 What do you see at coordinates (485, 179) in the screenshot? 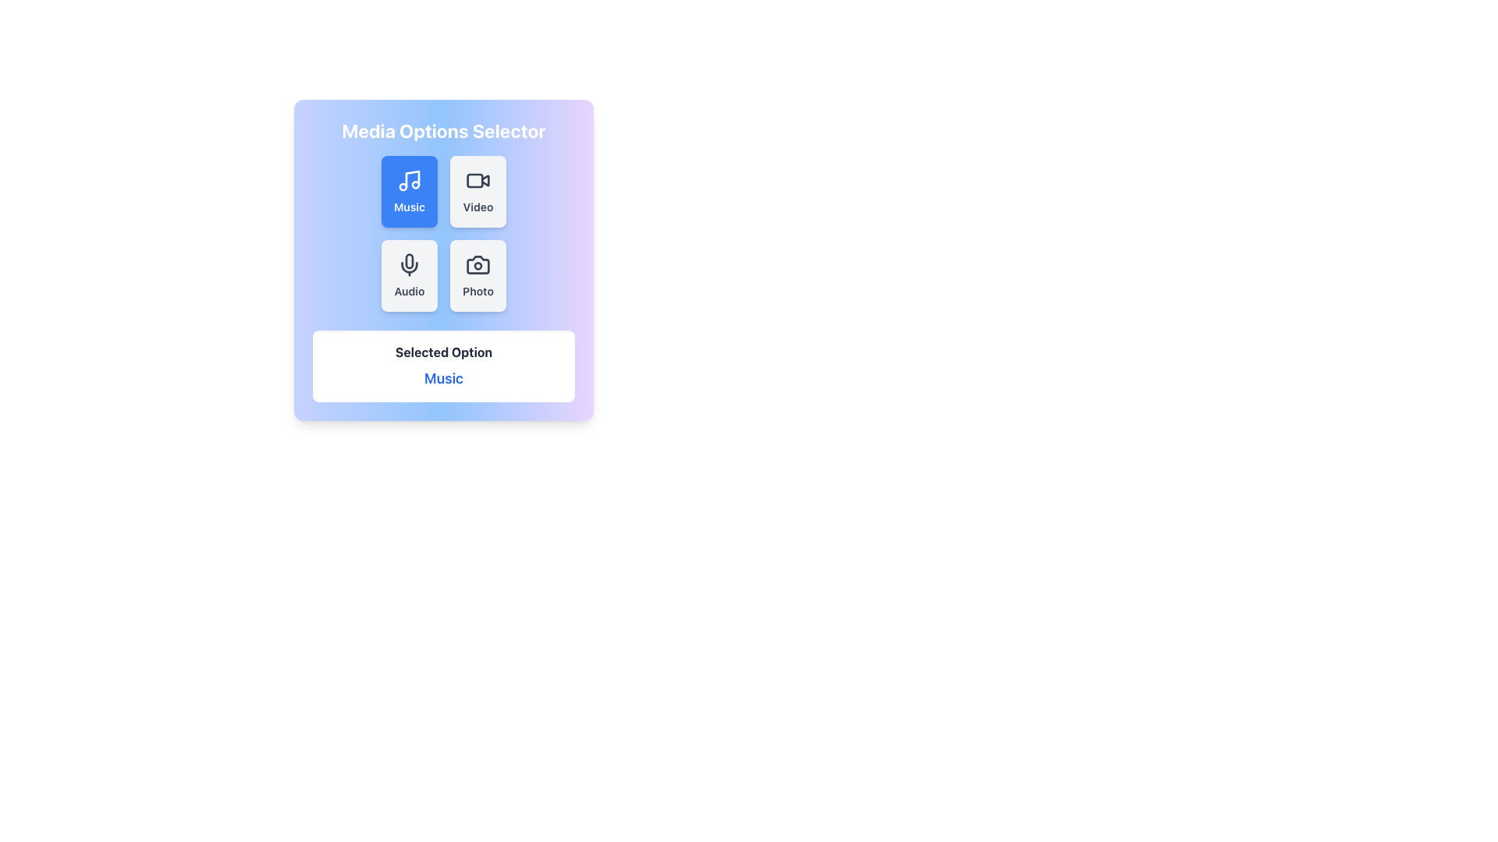
I see `the decorative 'Video' icon in the media selection menu, located in the upper-right corner of the options grid` at bounding box center [485, 179].